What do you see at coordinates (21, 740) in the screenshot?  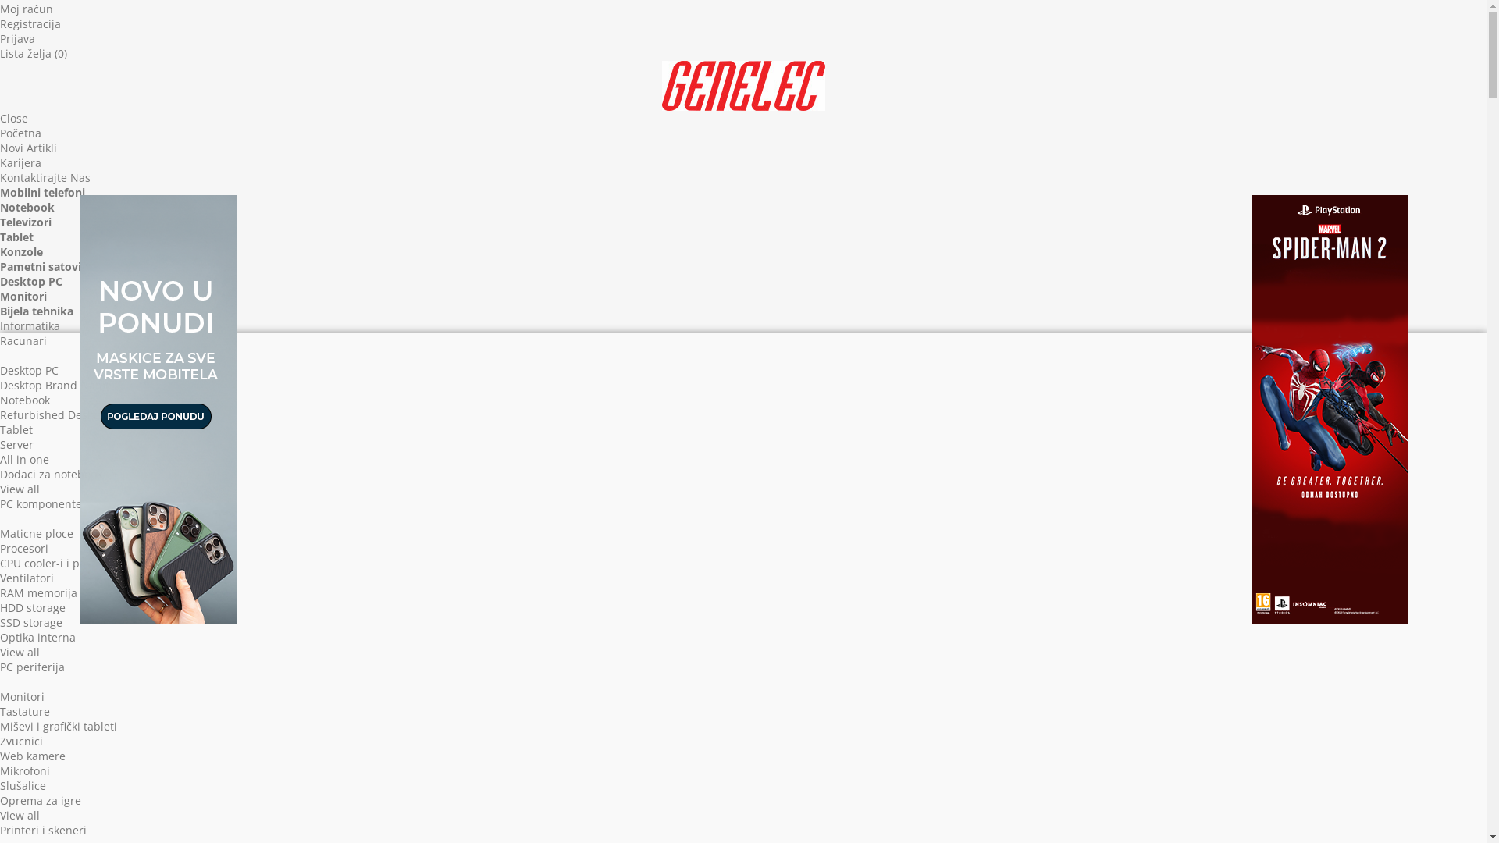 I see `'Zvucnici'` at bounding box center [21, 740].